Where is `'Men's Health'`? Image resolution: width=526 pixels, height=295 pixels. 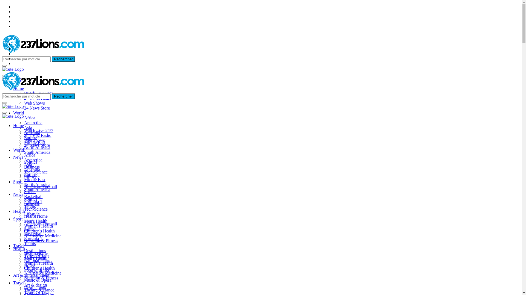 'Men's Health' is located at coordinates (24, 258).